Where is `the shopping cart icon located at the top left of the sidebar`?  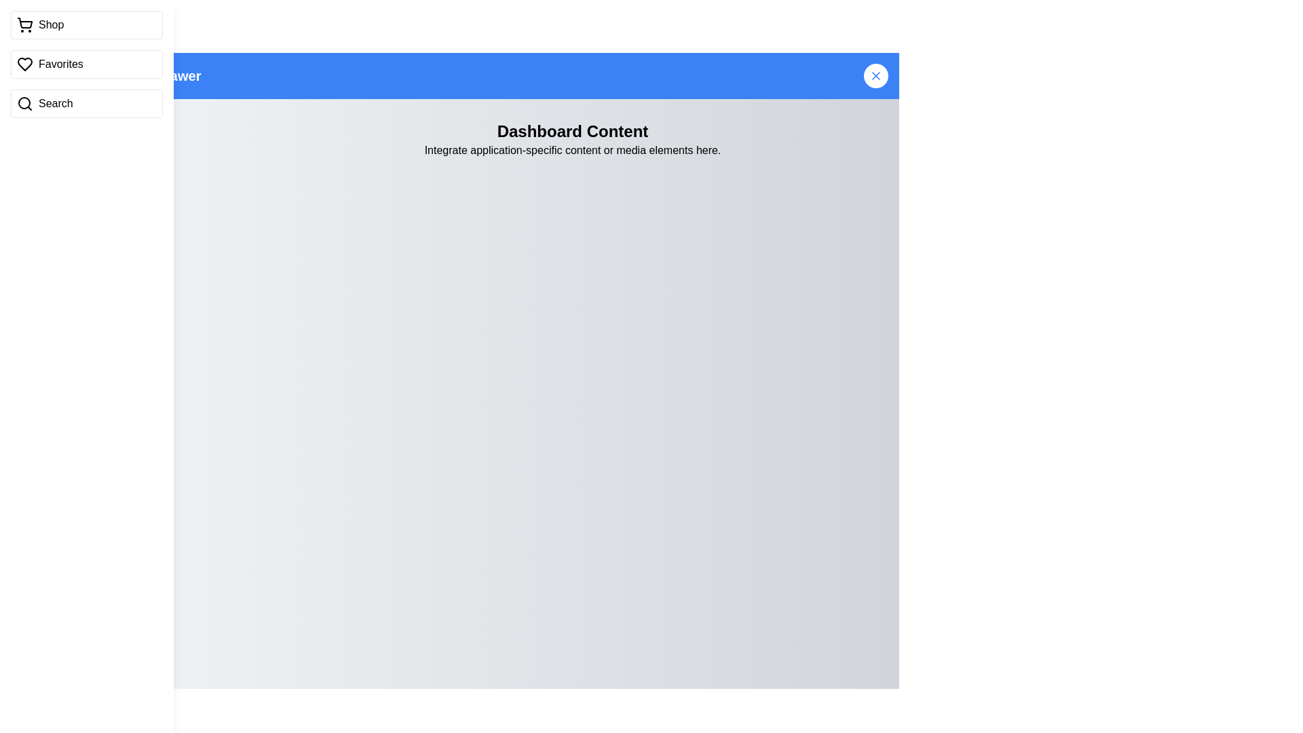
the shopping cart icon located at the top left of the sidebar is located at coordinates (25, 25).